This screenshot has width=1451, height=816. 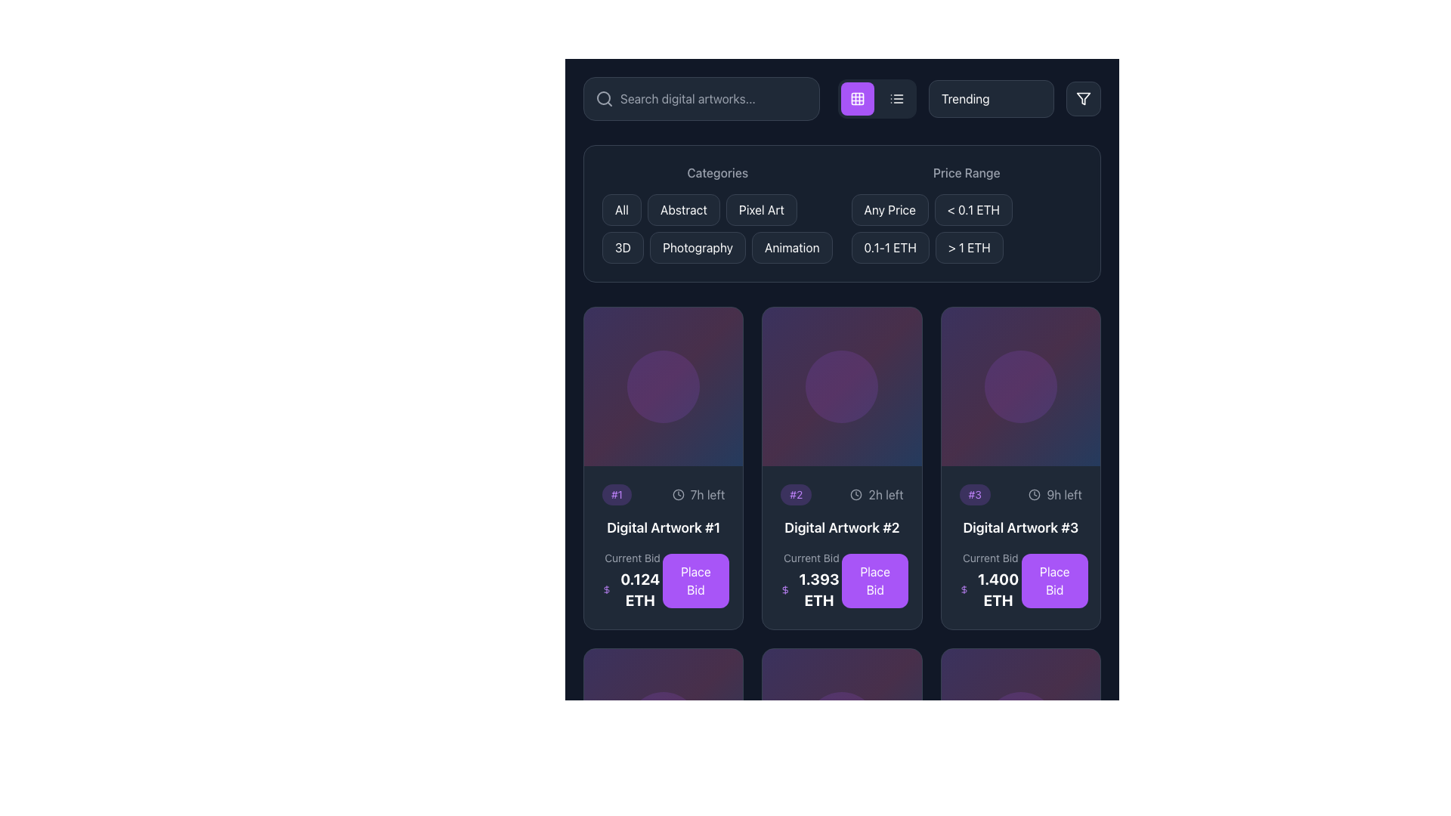 What do you see at coordinates (896, 99) in the screenshot?
I see `the button represented by three horizontal lines at the top-right corner of the interface to switch to the list view` at bounding box center [896, 99].